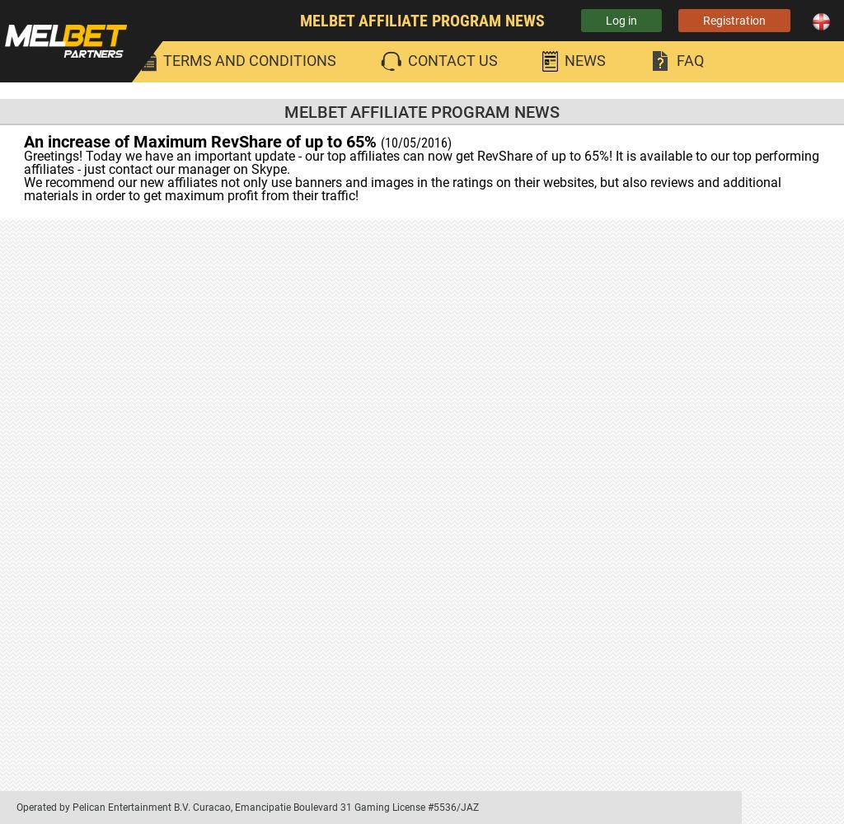 The image size is (844, 824). I want to click on 'News', so click(584, 59).